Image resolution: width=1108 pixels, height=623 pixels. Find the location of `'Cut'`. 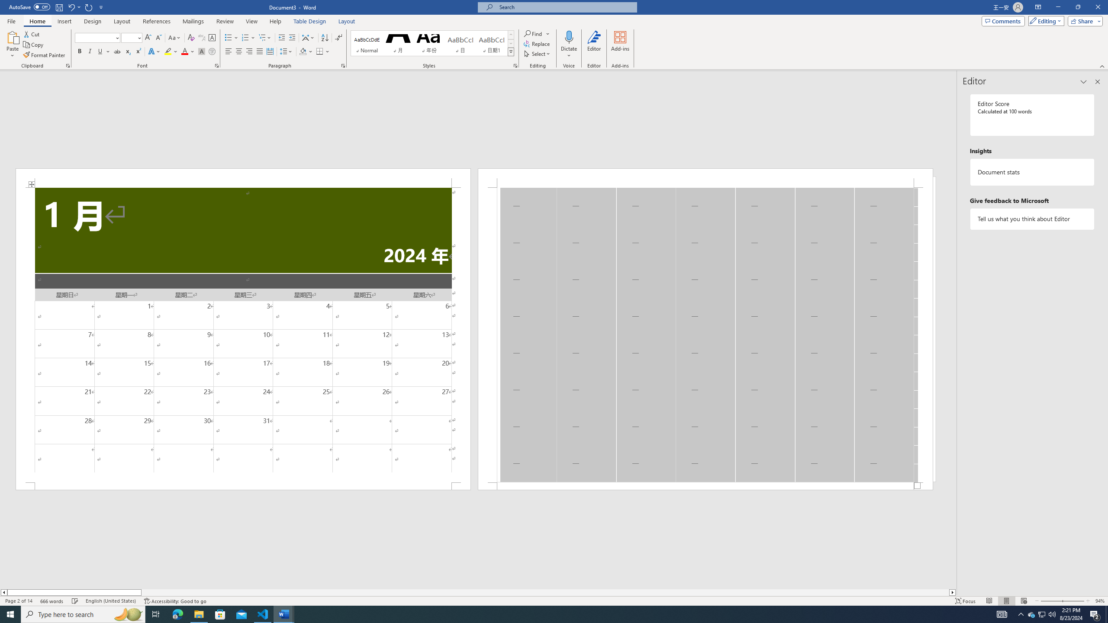

'Cut' is located at coordinates (32, 34).